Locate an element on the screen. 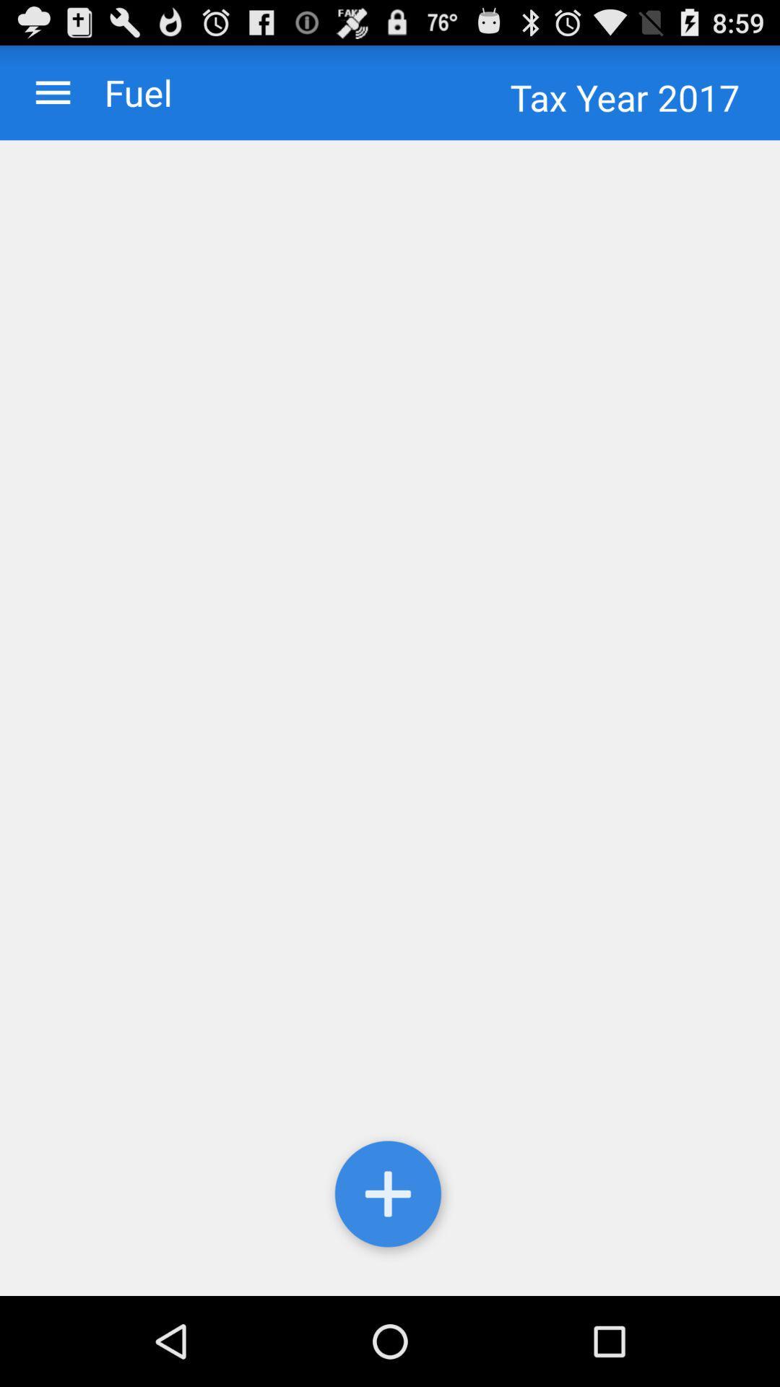  item next to tax year 2017 item is located at coordinates (123, 92).